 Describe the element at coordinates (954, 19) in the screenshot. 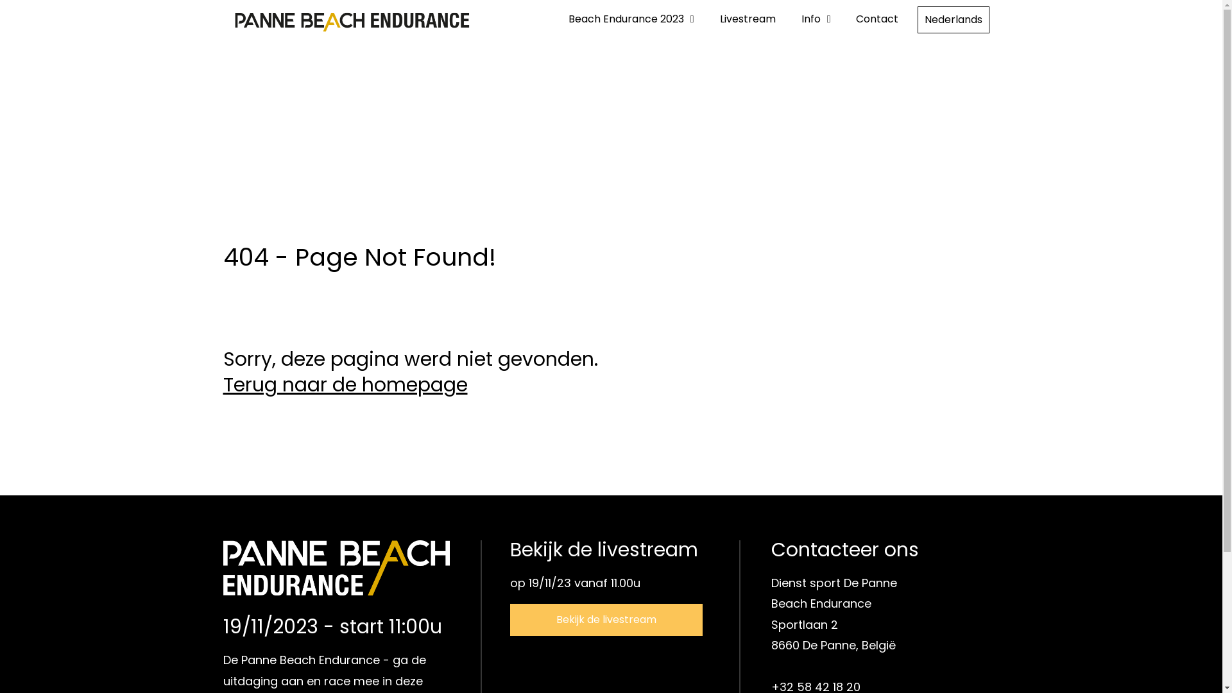

I see `'Nederlands'` at that location.